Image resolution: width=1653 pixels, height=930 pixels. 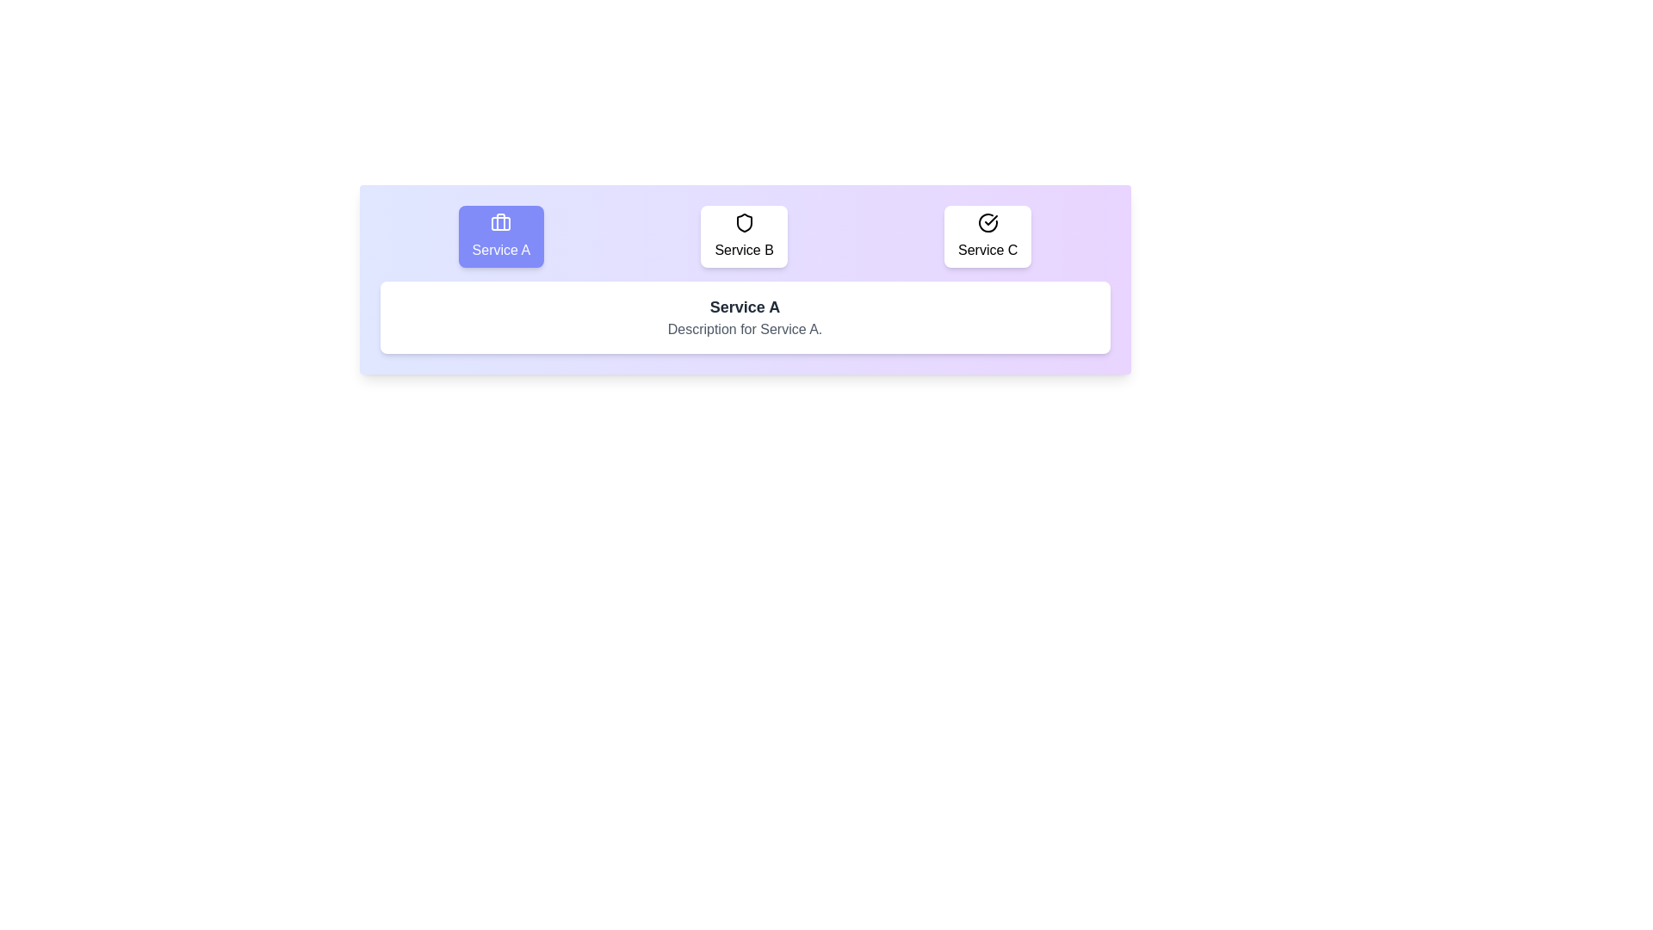 What do you see at coordinates (500, 250) in the screenshot?
I see `text label indicating the name of the service, which is 'Service A', located below the briefcase icon` at bounding box center [500, 250].